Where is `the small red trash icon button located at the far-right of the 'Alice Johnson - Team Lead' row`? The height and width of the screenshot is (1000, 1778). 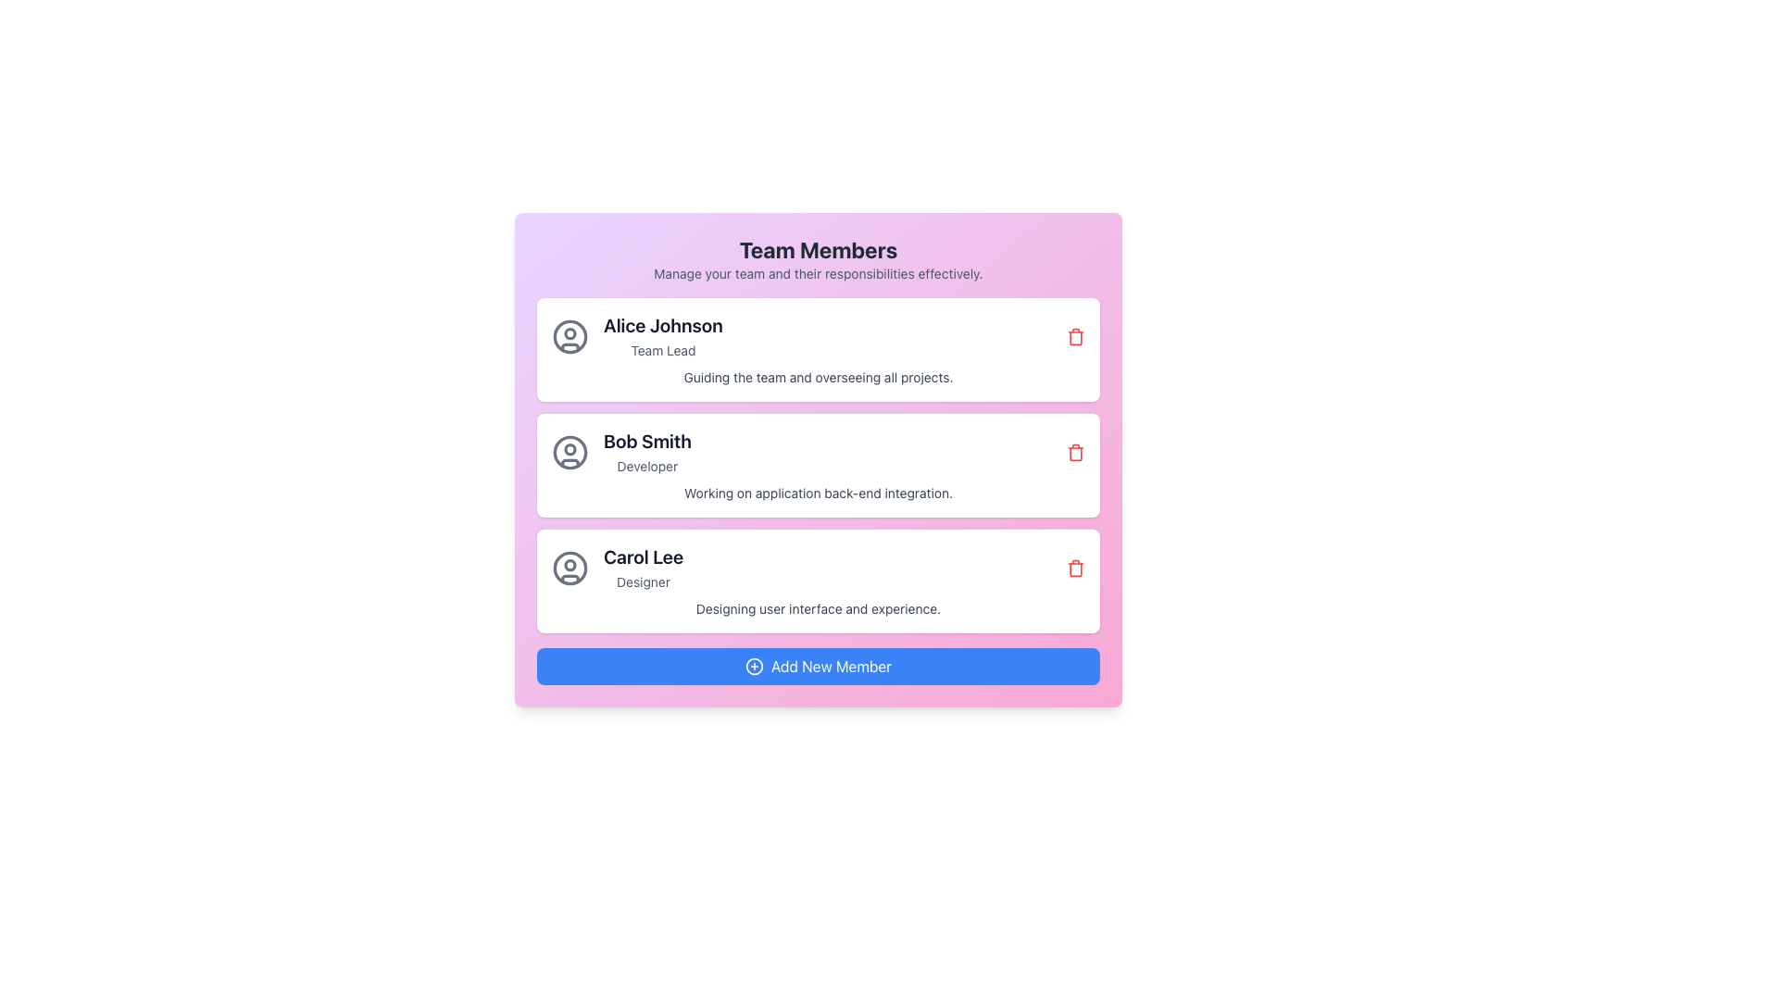 the small red trash icon button located at the far-right of the 'Alice Johnson - Team Lead' row is located at coordinates (1075, 336).